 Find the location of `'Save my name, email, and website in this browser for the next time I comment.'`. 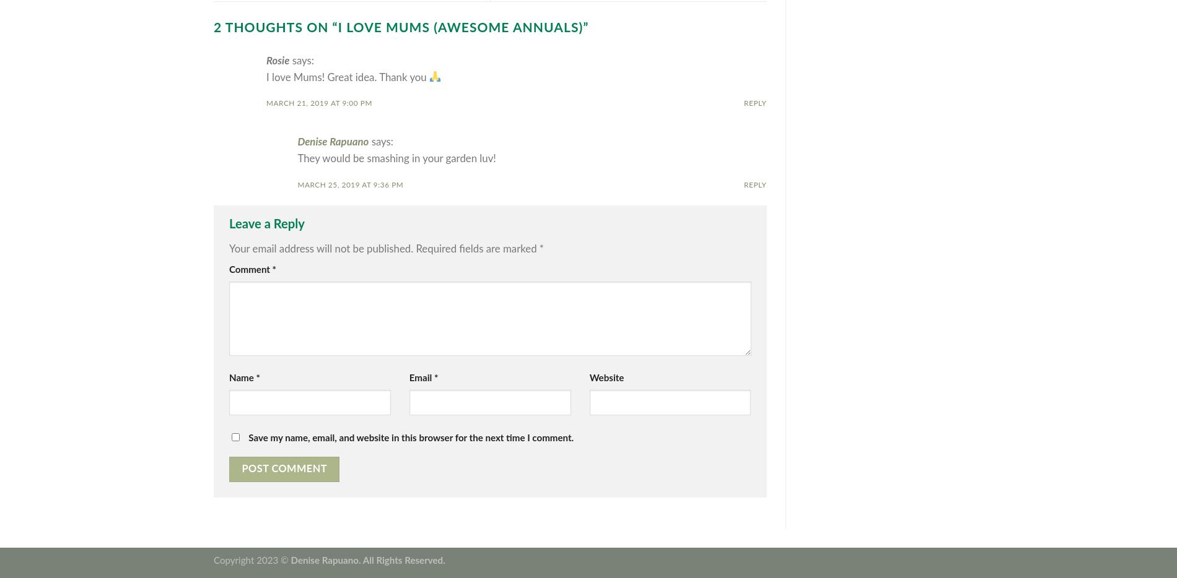

'Save my name, email, and website in this browser for the next time I comment.' is located at coordinates (411, 438).